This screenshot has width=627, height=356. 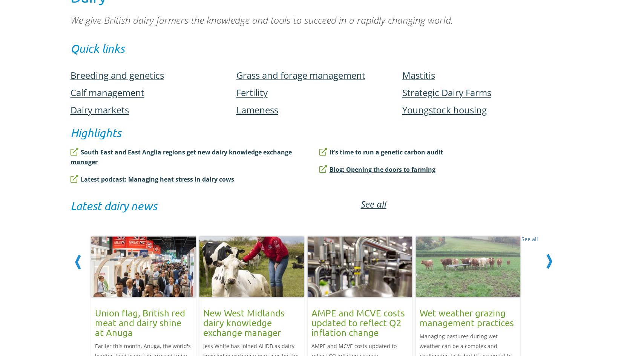 I want to click on 'Freedom of information', so click(x=228, y=290).